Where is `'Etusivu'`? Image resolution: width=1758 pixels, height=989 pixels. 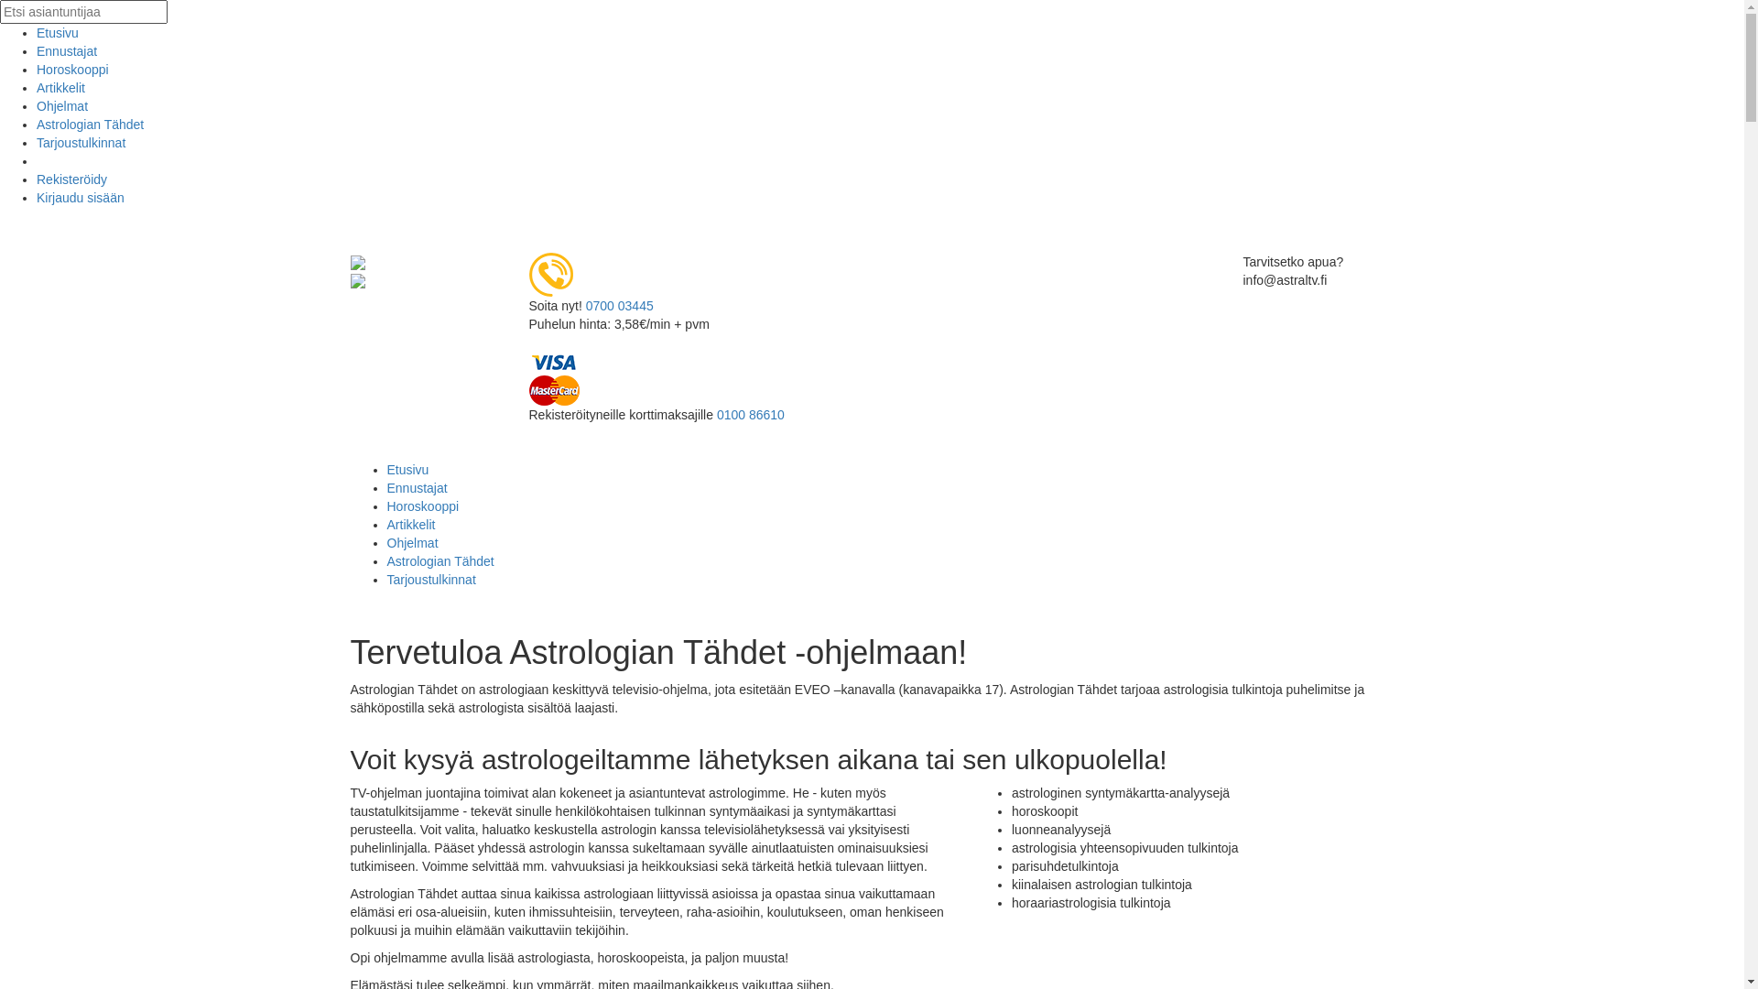
'Etusivu' is located at coordinates (57, 32).